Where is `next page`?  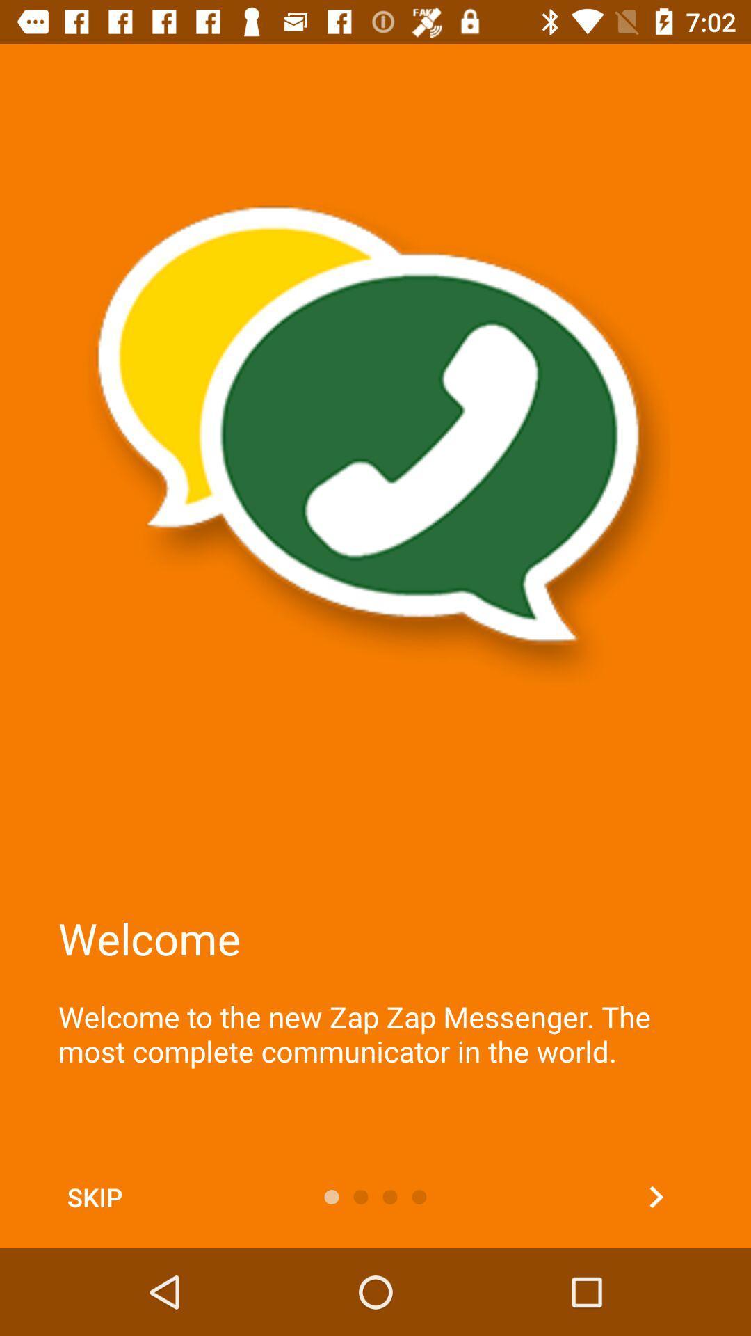 next page is located at coordinates (656, 1196).